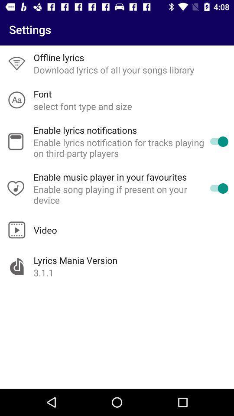 The height and width of the screenshot is (416, 234). What do you see at coordinates (58, 57) in the screenshot?
I see `the icon below the settings` at bounding box center [58, 57].